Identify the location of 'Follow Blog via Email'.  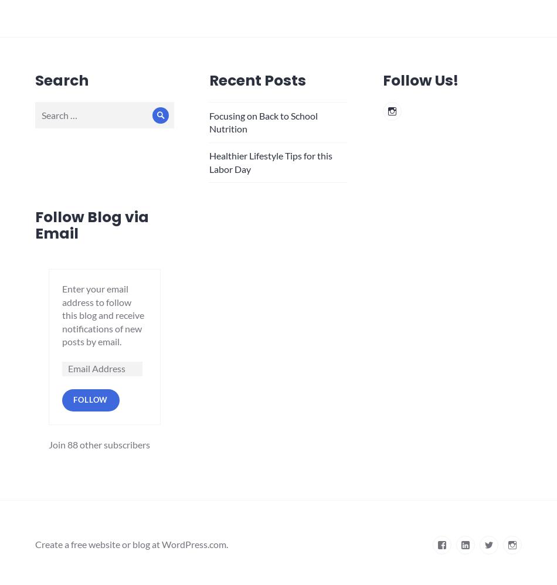
(92, 225).